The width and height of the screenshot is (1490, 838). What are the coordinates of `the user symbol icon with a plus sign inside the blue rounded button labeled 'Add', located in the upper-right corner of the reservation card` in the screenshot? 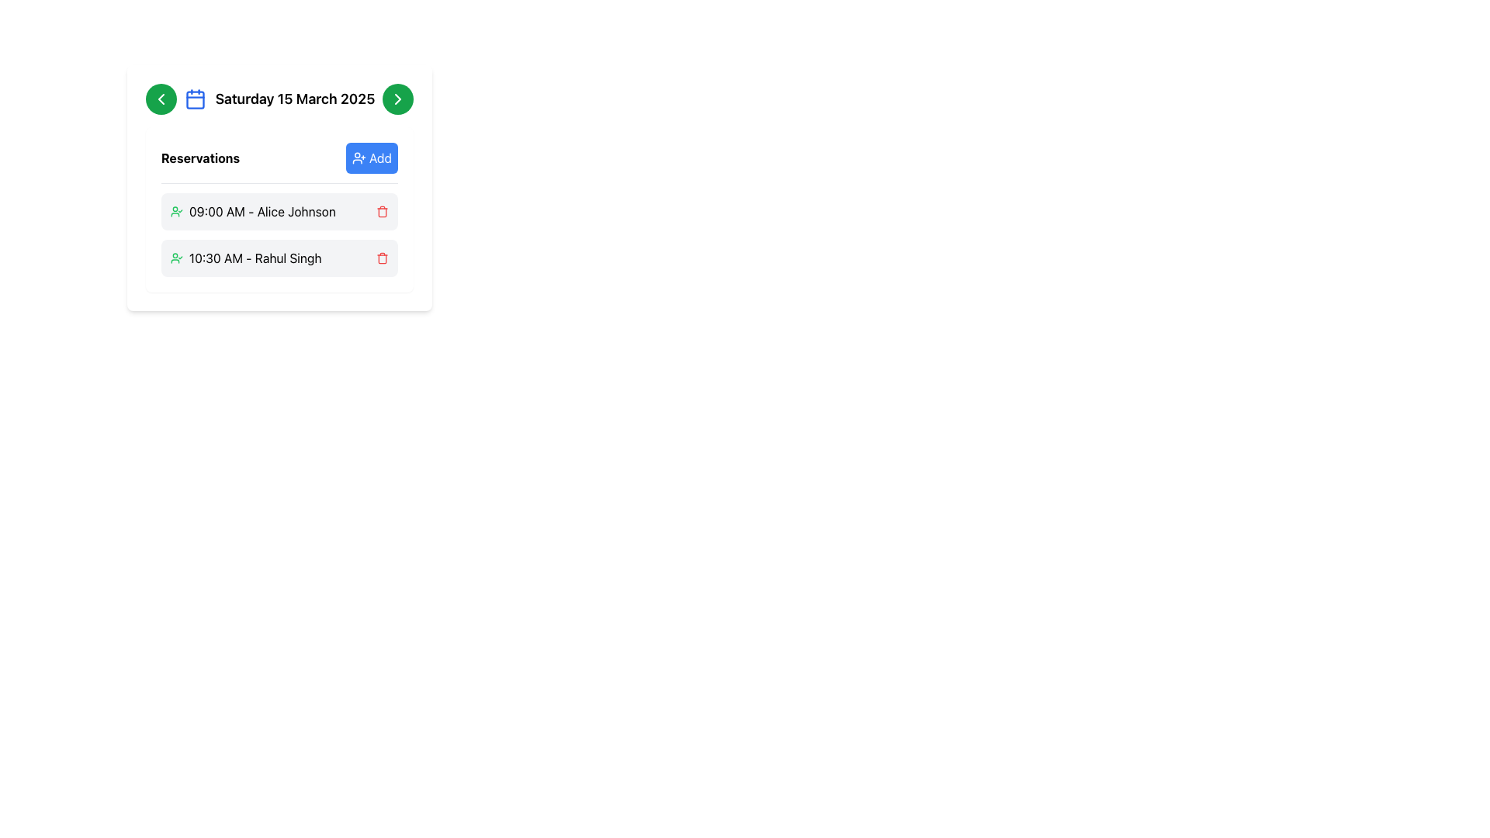 It's located at (358, 158).